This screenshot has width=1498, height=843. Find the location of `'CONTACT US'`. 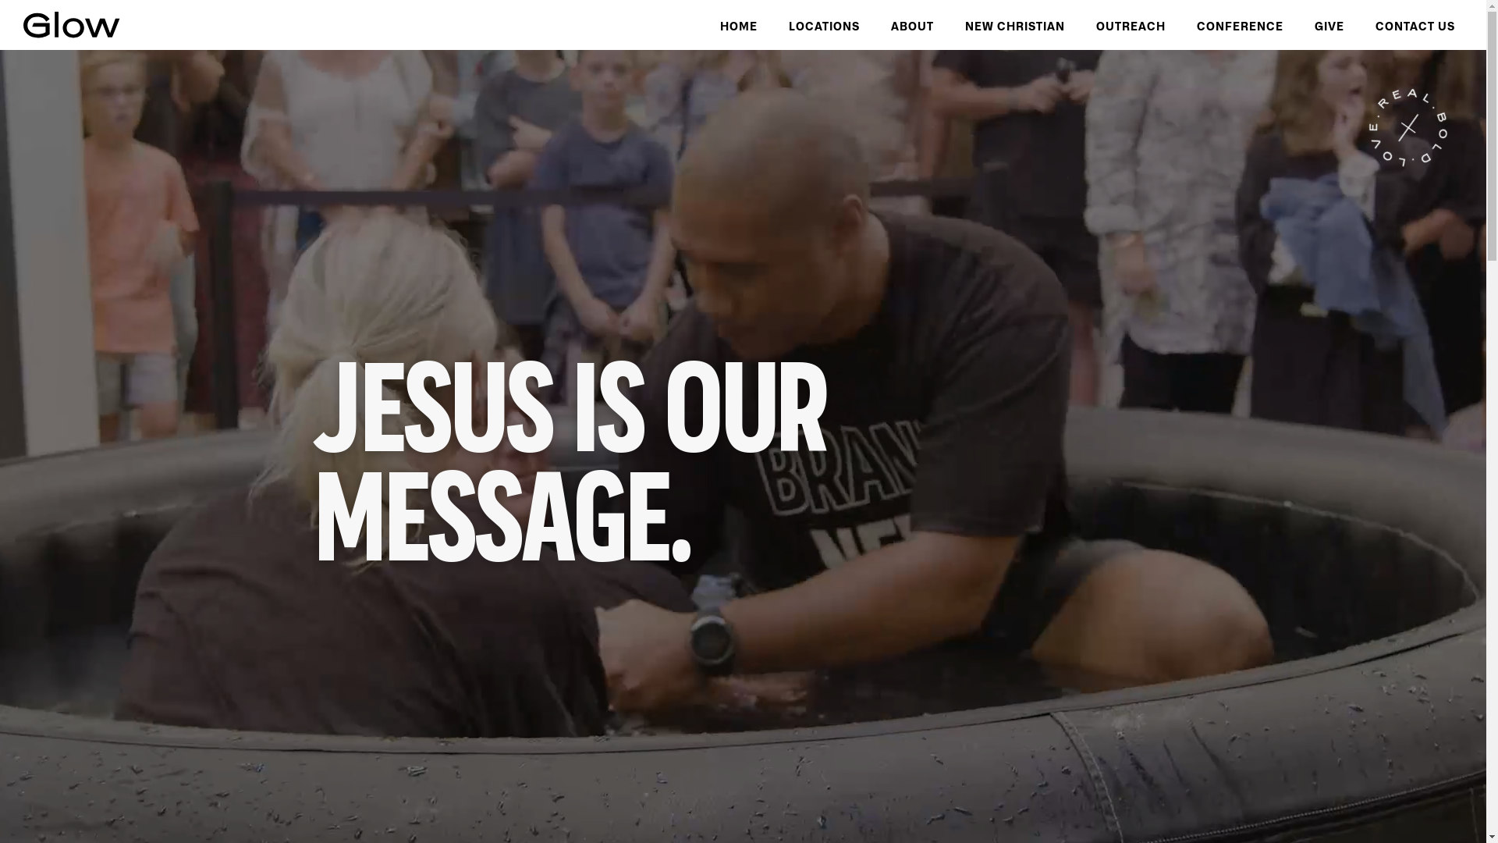

'CONTACT US' is located at coordinates (1415, 24).